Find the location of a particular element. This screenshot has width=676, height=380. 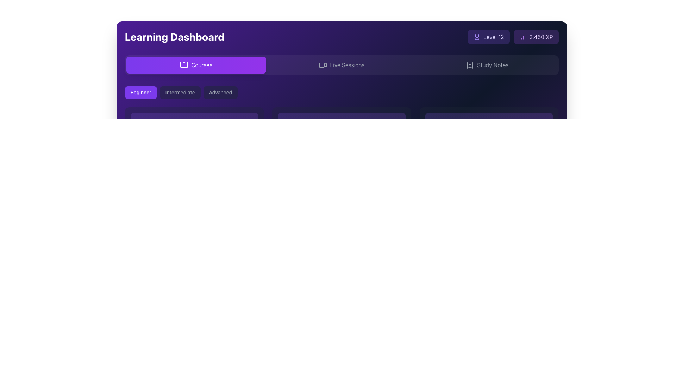

the 'Courses' button, which is a vibrant gradient button with a book icon on its left is located at coordinates (196, 65).